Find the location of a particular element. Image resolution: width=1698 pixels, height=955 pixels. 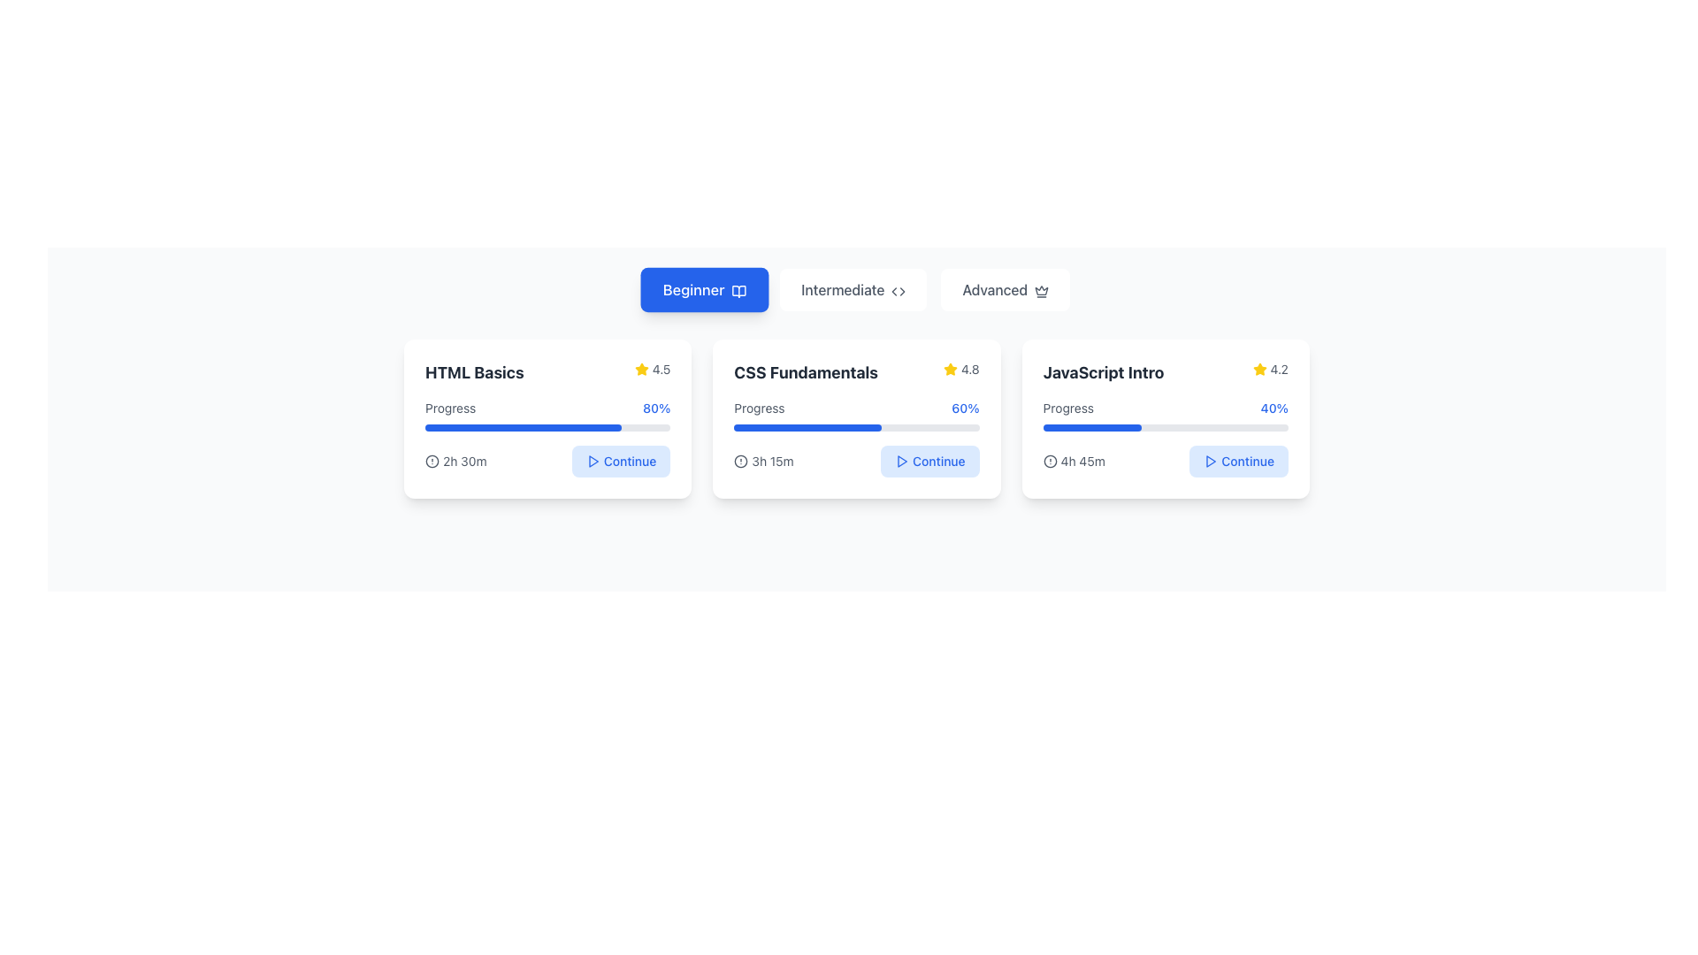

the yellow star icon located in the top-right portion of the JavaScript Intro card, part of a rating system is located at coordinates (1258, 368).